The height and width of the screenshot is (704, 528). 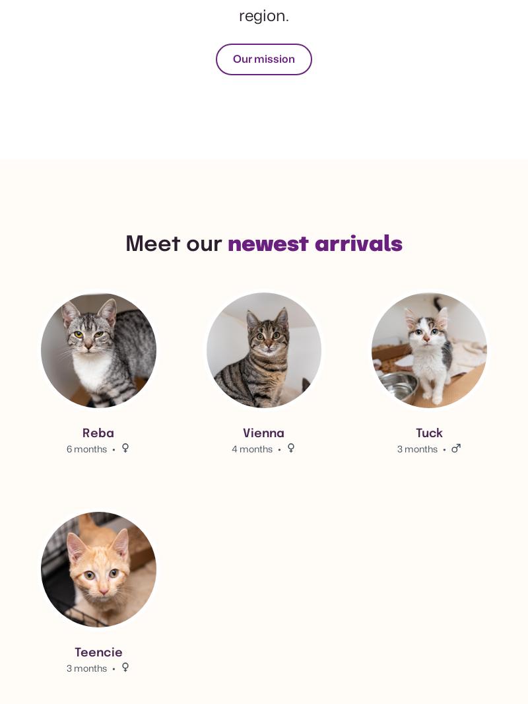 What do you see at coordinates (176, 245) in the screenshot?
I see `'Meet our'` at bounding box center [176, 245].